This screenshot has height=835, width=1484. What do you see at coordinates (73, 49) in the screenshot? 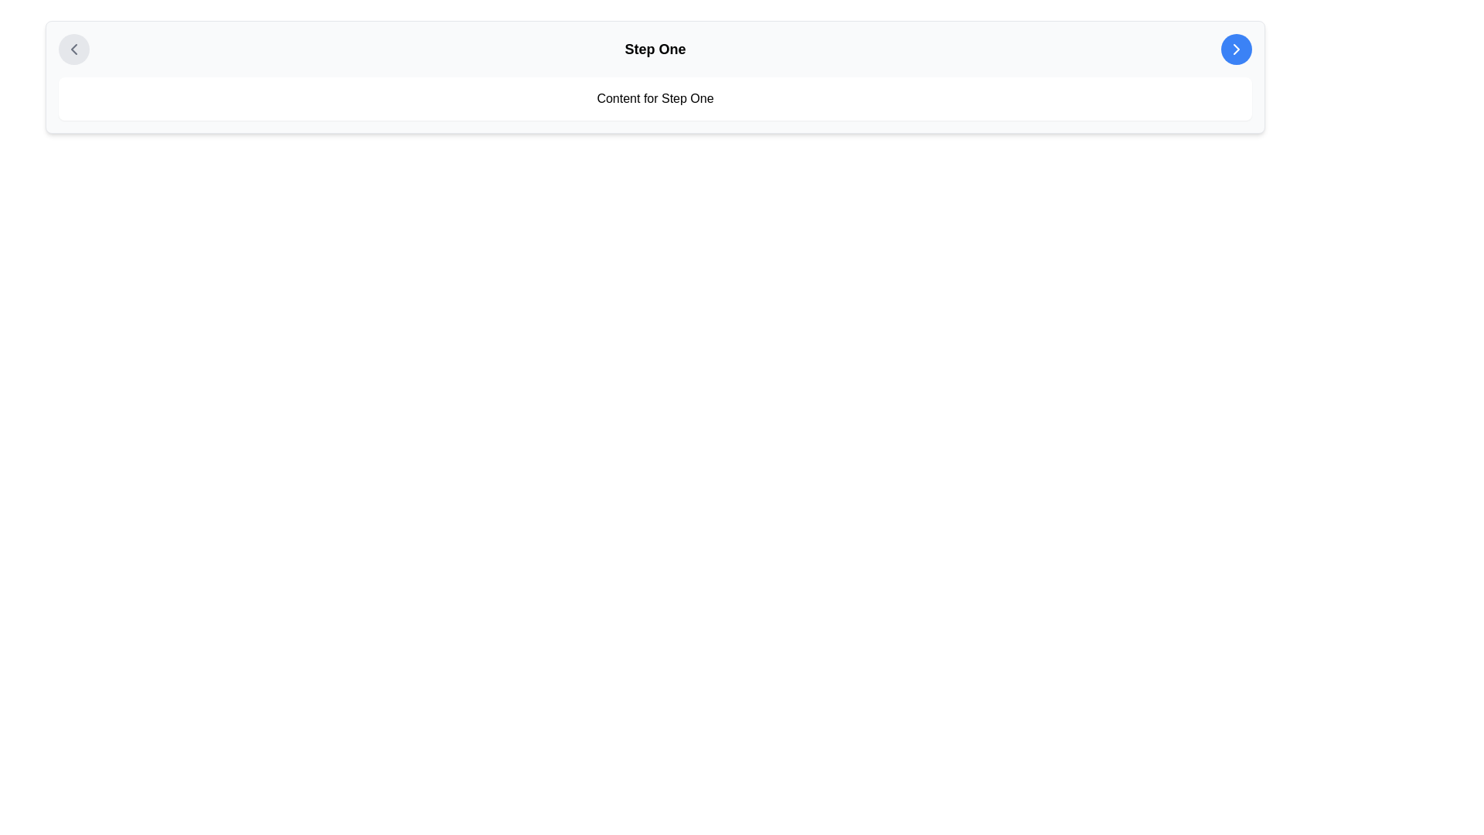
I see `the circular gray button with a left-pointing chevron icon` at bounding box center [73, 49].